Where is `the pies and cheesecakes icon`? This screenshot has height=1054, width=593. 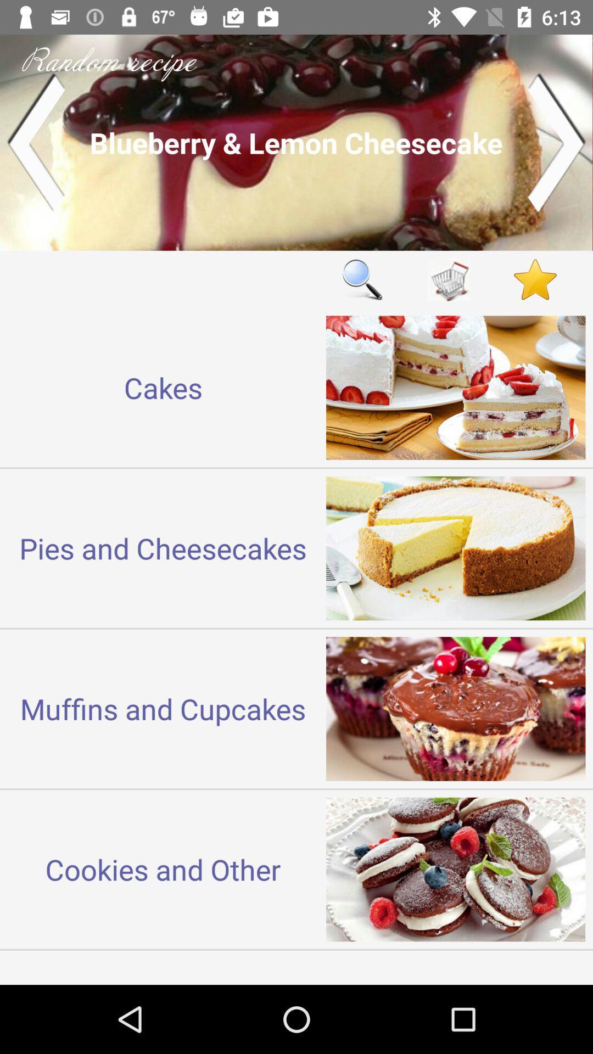
the pies and cheesecakes icon is located at coordinates (163, 548).